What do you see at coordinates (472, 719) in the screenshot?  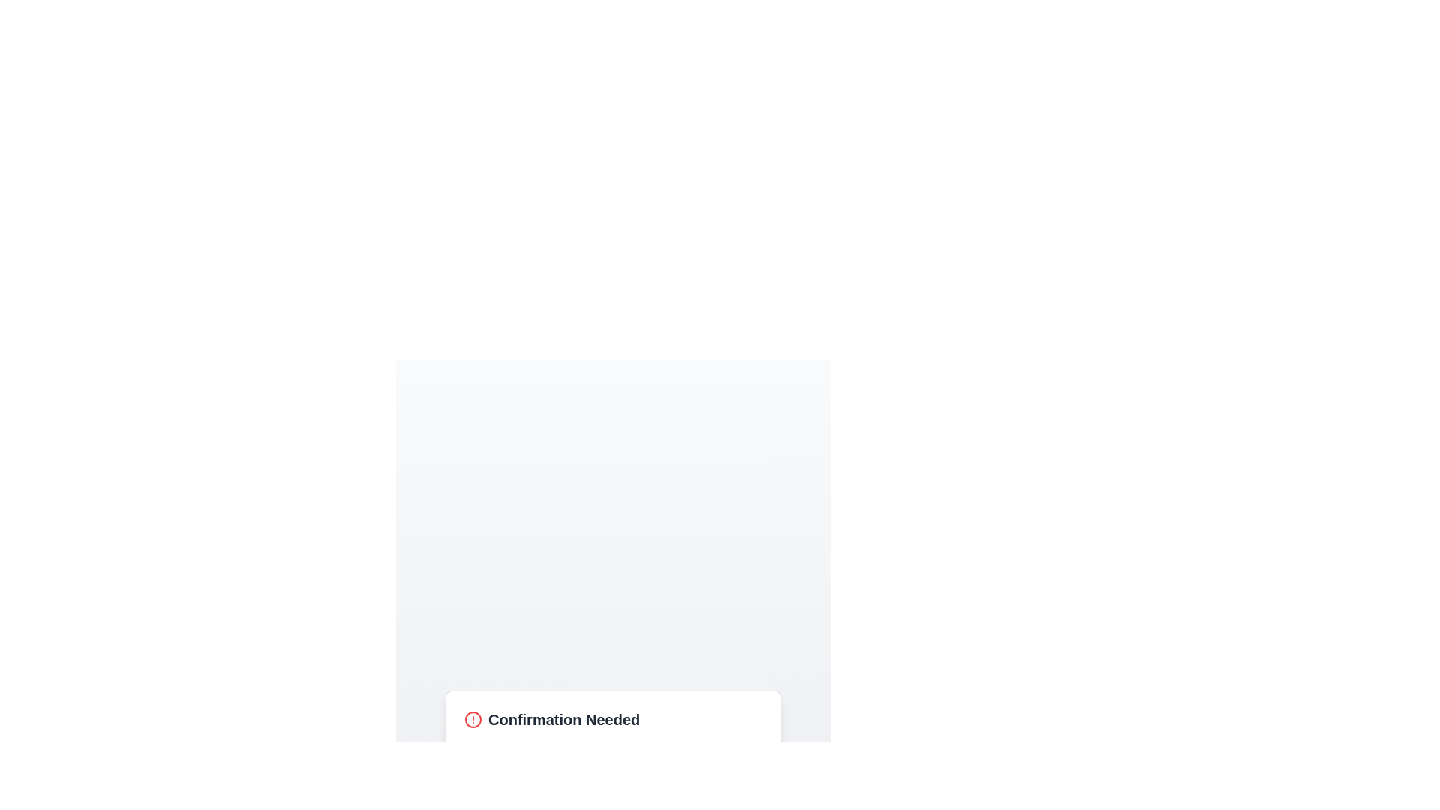 I see `the warning icon that indicates a 'Confirmation Needed' message, located to the left of the text content` at bounding box center [472, 719].